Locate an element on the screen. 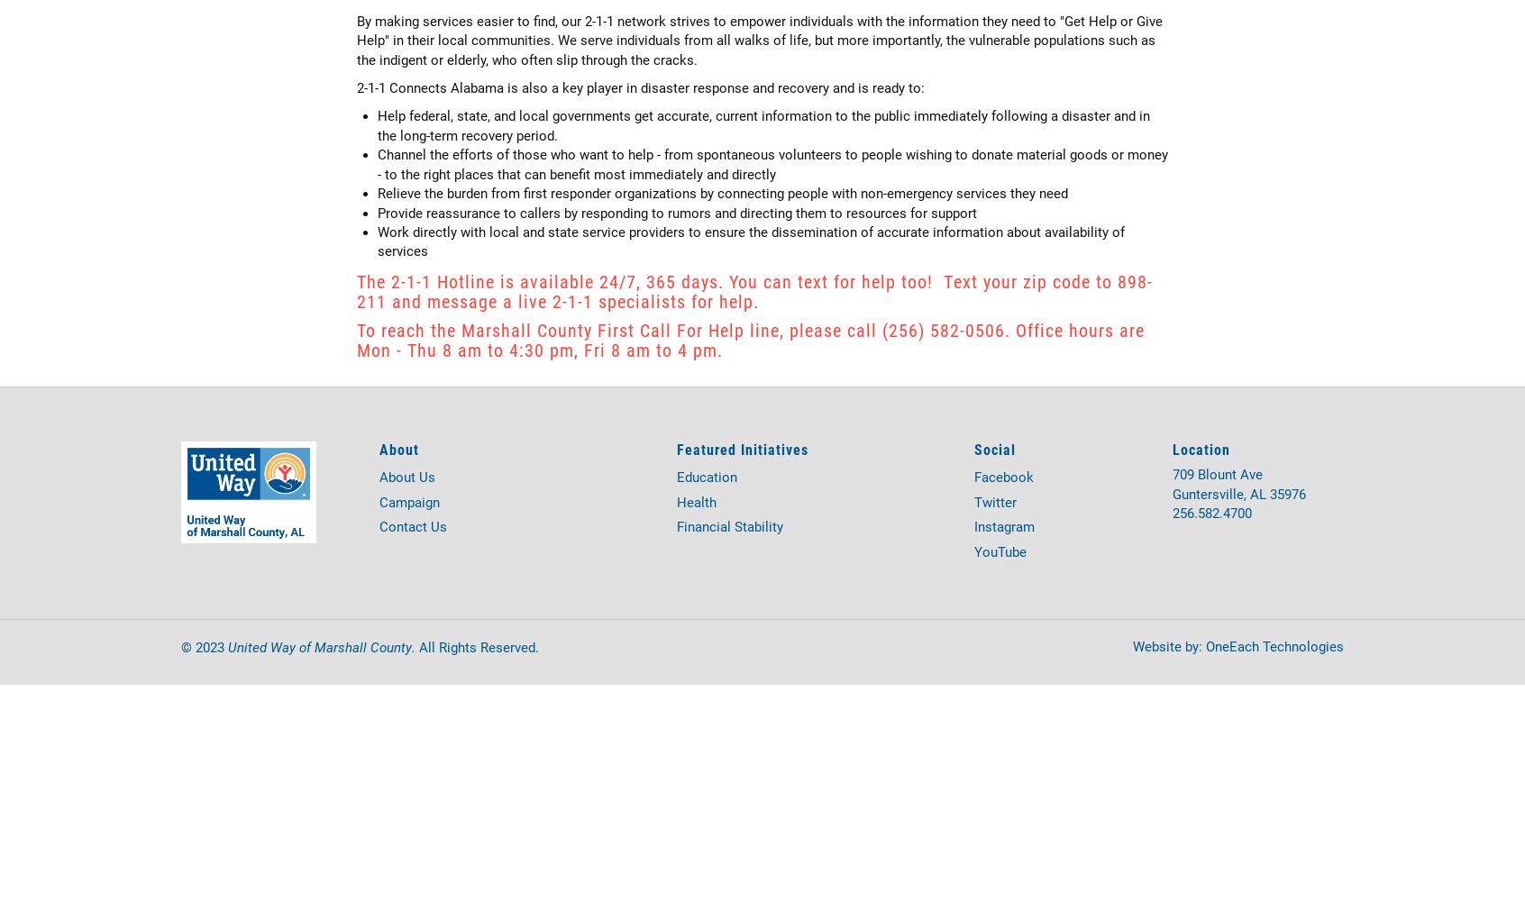 The width and height of the screenshot is (1525, 901). 'Financial Stability' is located at coordinates (729, 526).